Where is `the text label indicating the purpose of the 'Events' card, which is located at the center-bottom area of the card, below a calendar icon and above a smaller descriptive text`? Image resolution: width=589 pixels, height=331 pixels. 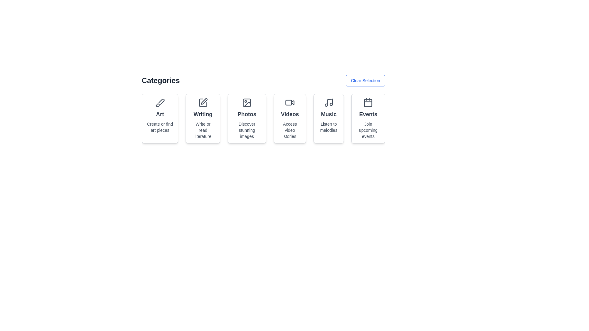 the text label indicating the purpose of the 'Events' card, which is located at the center-bottom area of the card, below a calendar icon and above a smaller descriptive text is located at coordinates (368, 114).